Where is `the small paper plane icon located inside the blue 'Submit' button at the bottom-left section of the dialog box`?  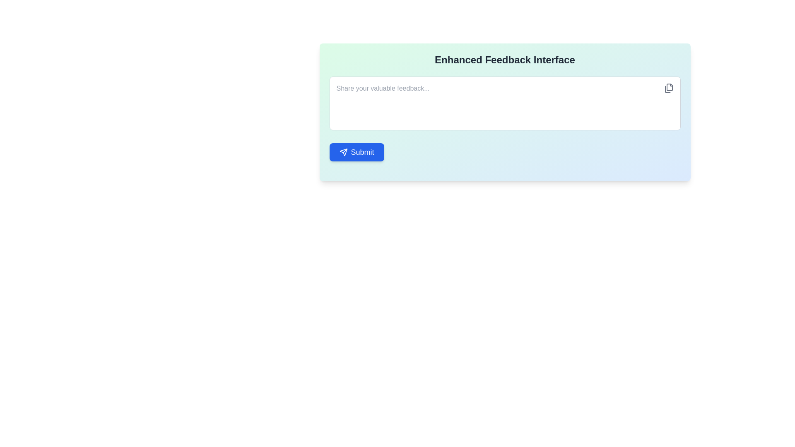 the small paper plane icon located inside the blue 'Submit' button at the bottom-left section of the dialog box is located at coordinates (343, 152).